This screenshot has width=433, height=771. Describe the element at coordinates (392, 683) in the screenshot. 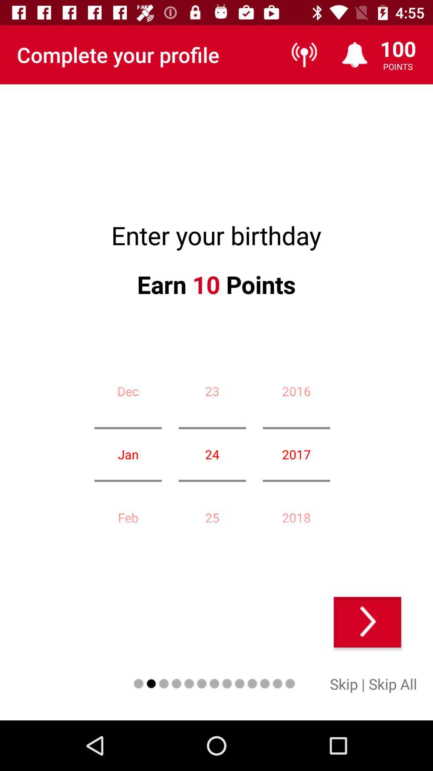

I see `the skip all` at that location.